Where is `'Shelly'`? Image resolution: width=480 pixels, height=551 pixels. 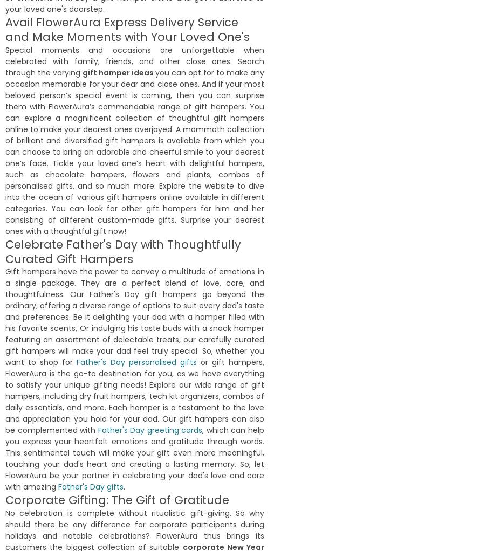
'Shelly' is located at coordinates (11, 155).